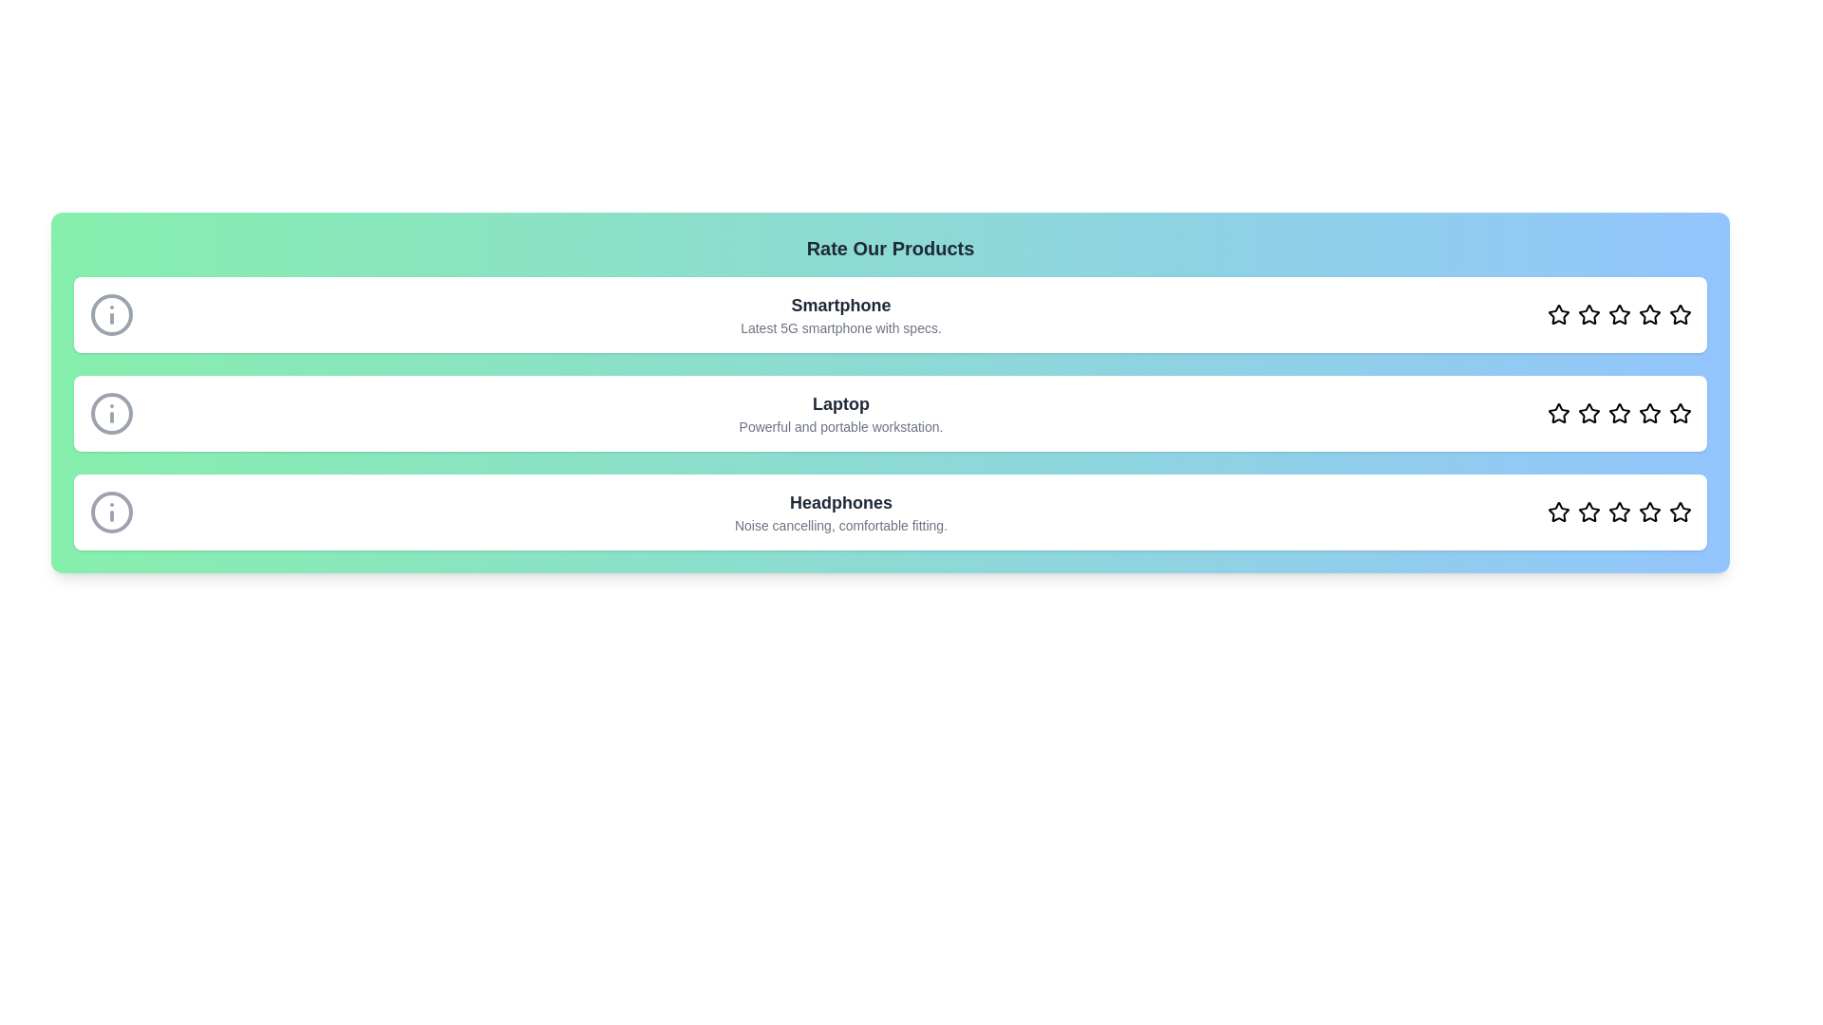  Describe the element at coordinates (1589, 313) in the screenshot. I see `the interactive rating star, the second star in the series of five located in the second row of the rating section next to the 'Laptop' heading, for accessibility navigation` at that location.